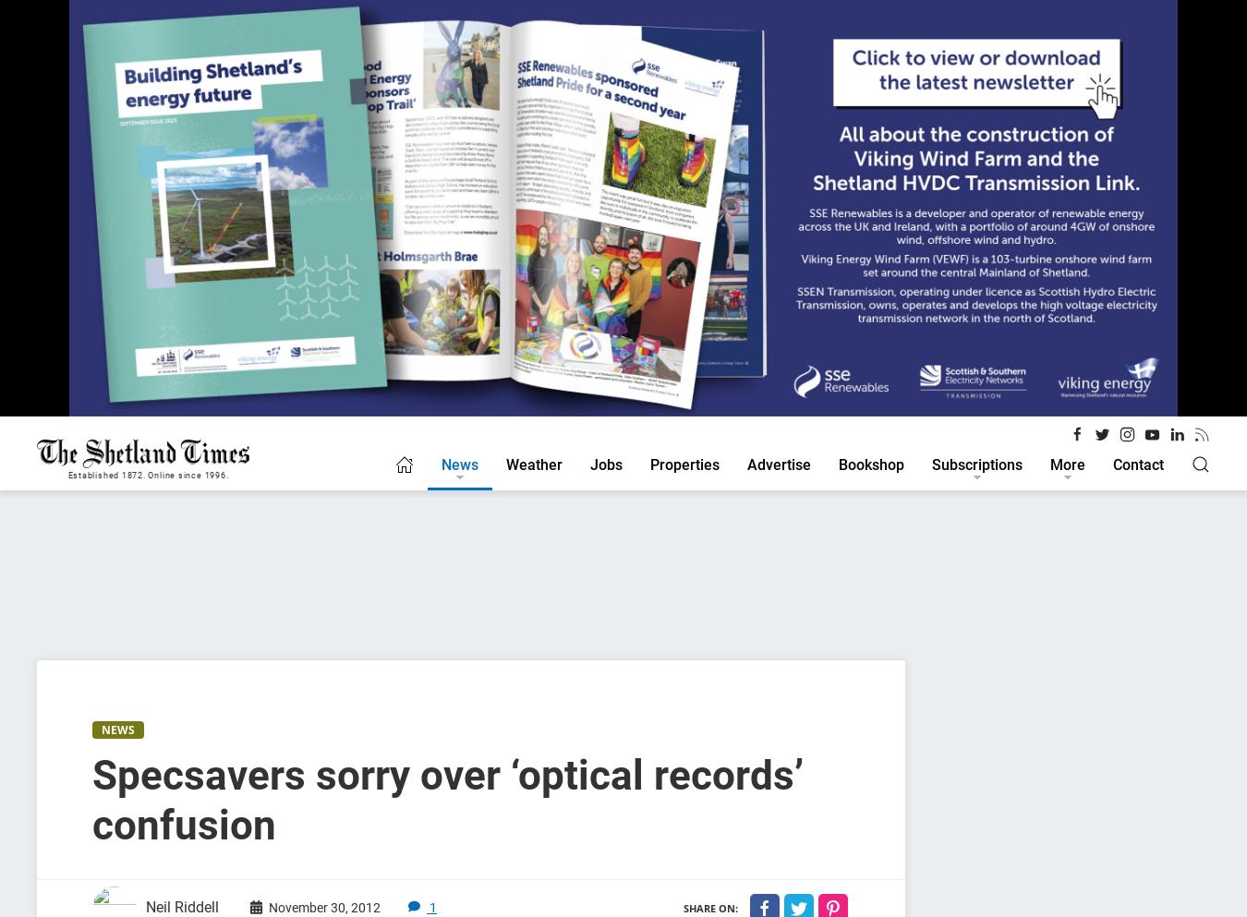 This screenshot has width=1247, height=917. What do you see at coordinates (779, 464) in the screenshot?
I see `'Advertise'` at bounding box center [779, 464].